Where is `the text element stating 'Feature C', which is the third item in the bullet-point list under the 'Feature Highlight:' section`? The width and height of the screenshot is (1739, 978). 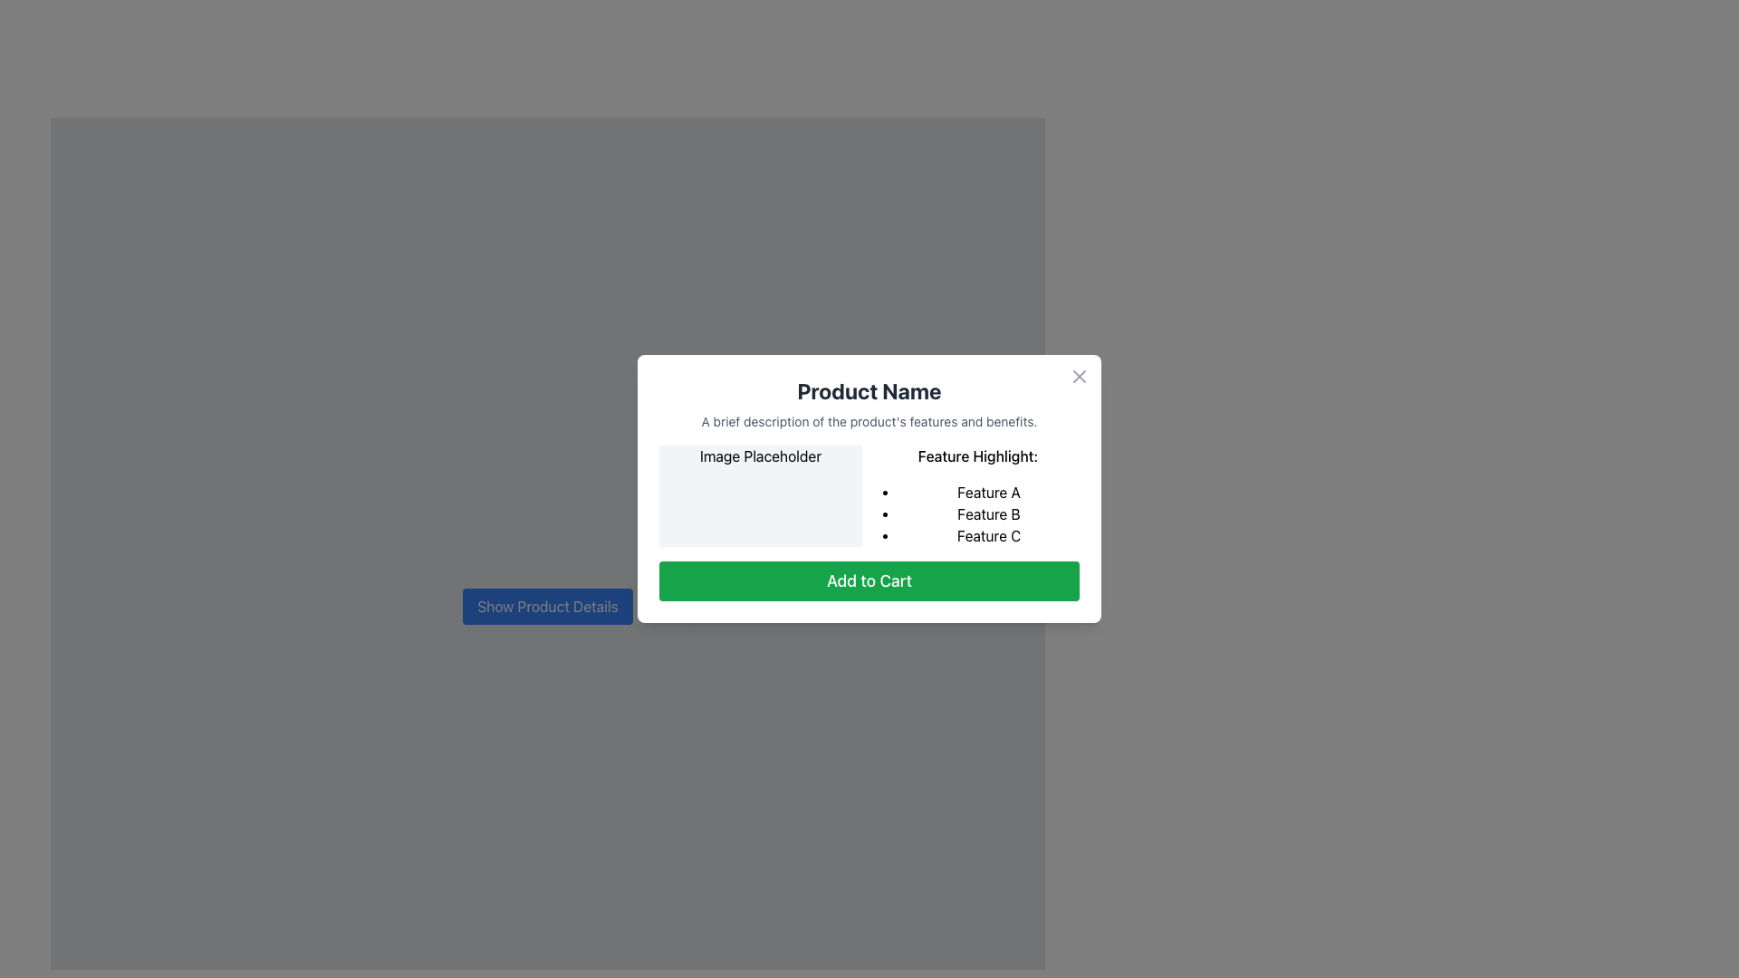 the text element stating 'Feature C', which is the third item in the bullet-point list under the 'Feature Highlight:' section is located at coordinates (987, 534).